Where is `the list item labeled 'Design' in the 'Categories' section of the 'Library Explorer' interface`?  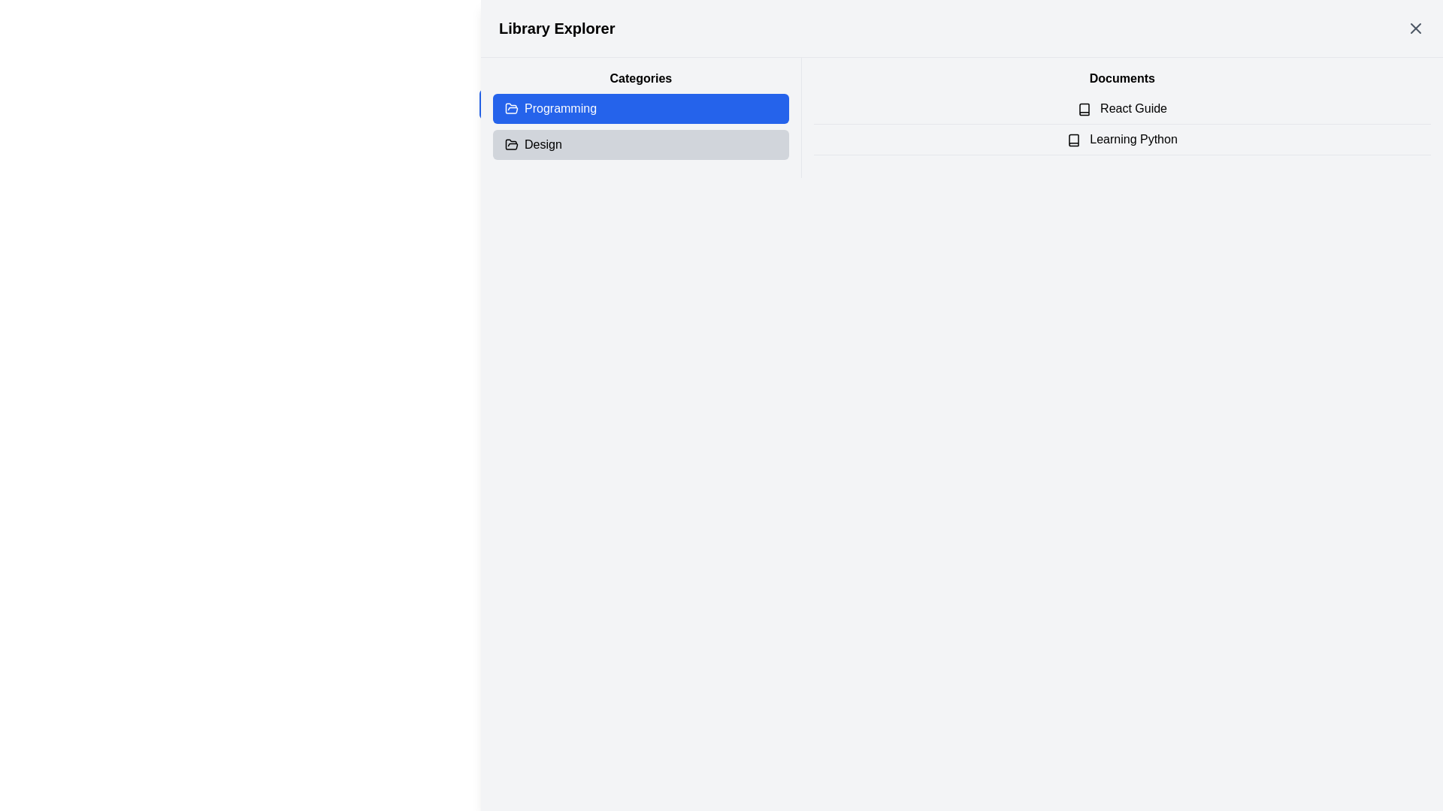
the list item labeled 'Design' in the 'Categories' section of the 'Library Explorer' interface is located at coordinates (640, 144).